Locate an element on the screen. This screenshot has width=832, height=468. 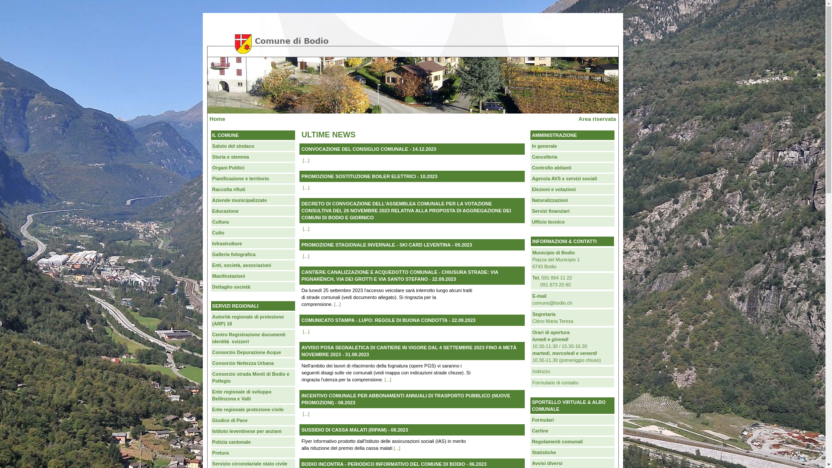
'Elezioni e votazioni' is located at coordinates (530, 188).